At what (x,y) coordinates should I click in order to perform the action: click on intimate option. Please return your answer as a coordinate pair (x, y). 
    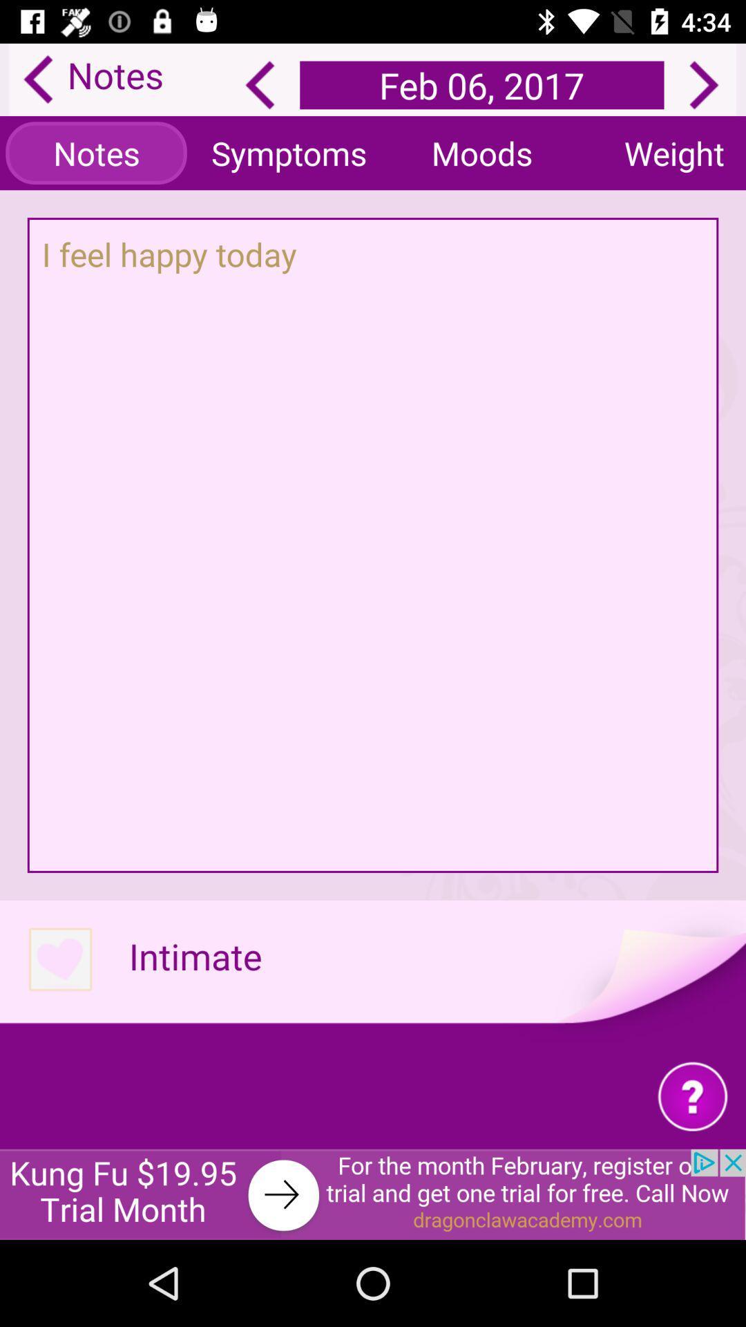
    Looking at the image, I should click on (59, 959).